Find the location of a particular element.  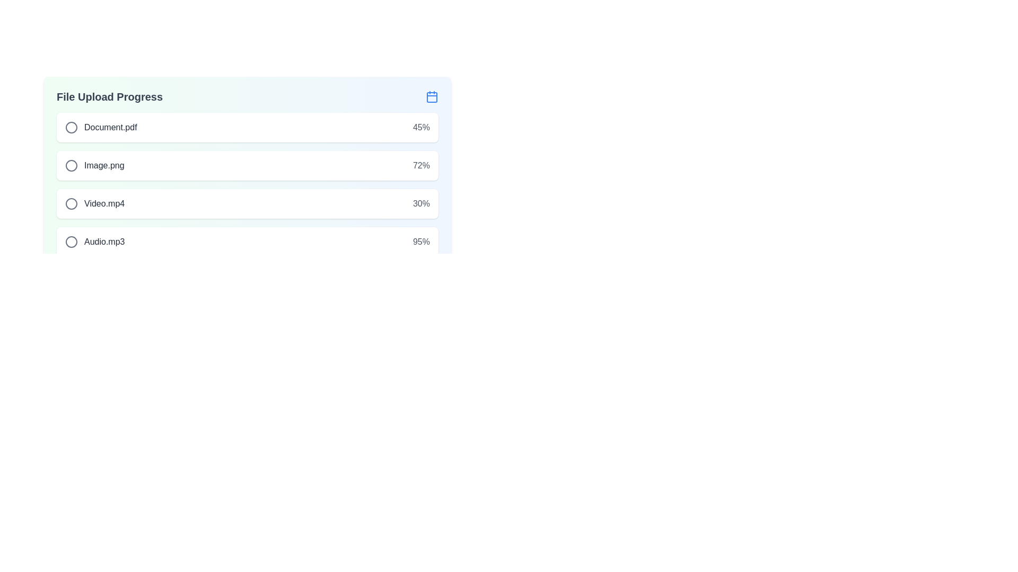

the circular graphical icon associated with 'Document.pdf' is located at coordinates (71, 127).